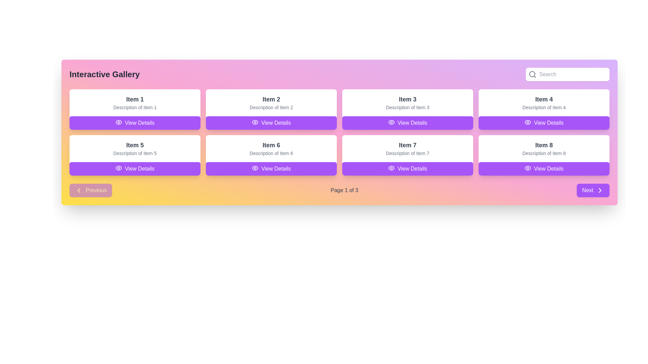 The image size is (648, 364). What do you see at coordinates (118, 168) in the screenshot?
I see `the visual indicator icon located to the left of the 'View Details' button for 'Item 5' to inspect the associated details` at bounding box center [118, 168].